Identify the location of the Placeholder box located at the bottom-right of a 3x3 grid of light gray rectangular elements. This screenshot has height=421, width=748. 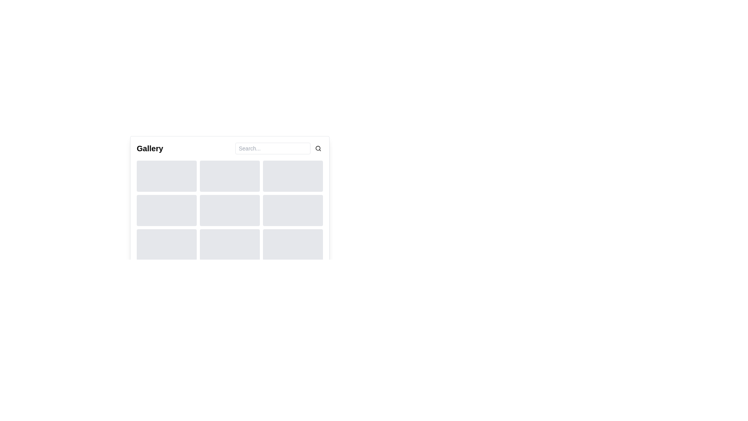
(293, 244).